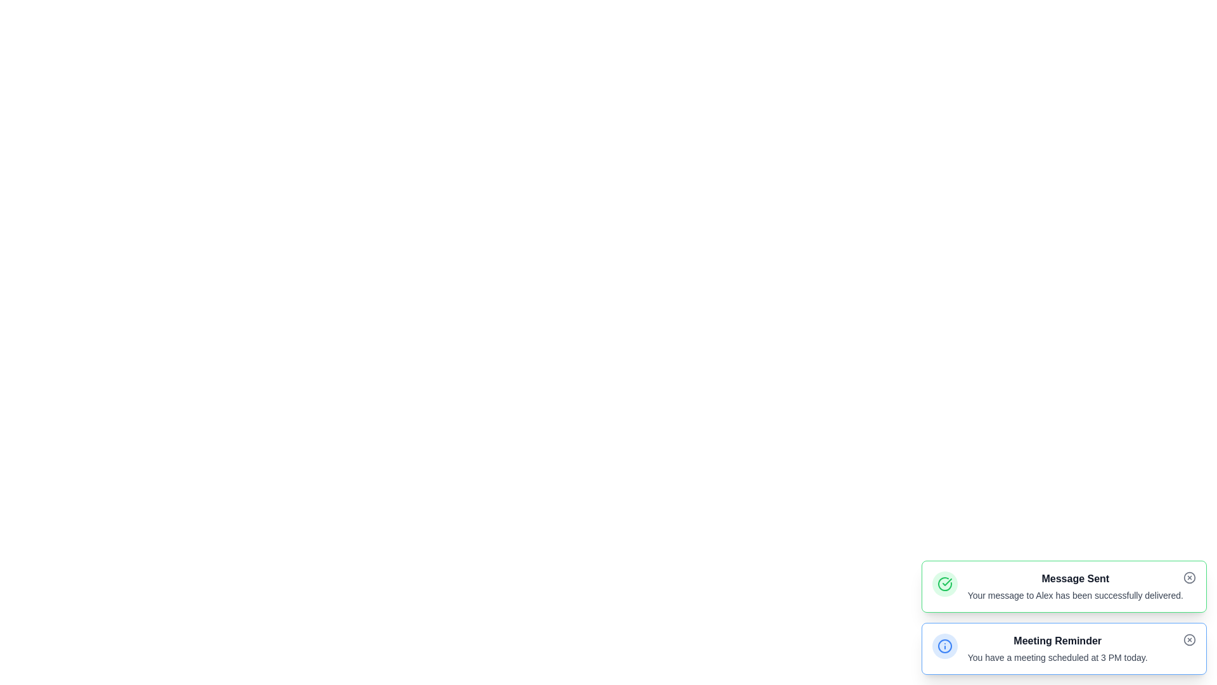 Image resolution: width=1217 pixels, height=685 pixels. I want to click on the 'Message Sent' notification to read its details, so click(1064, 587).